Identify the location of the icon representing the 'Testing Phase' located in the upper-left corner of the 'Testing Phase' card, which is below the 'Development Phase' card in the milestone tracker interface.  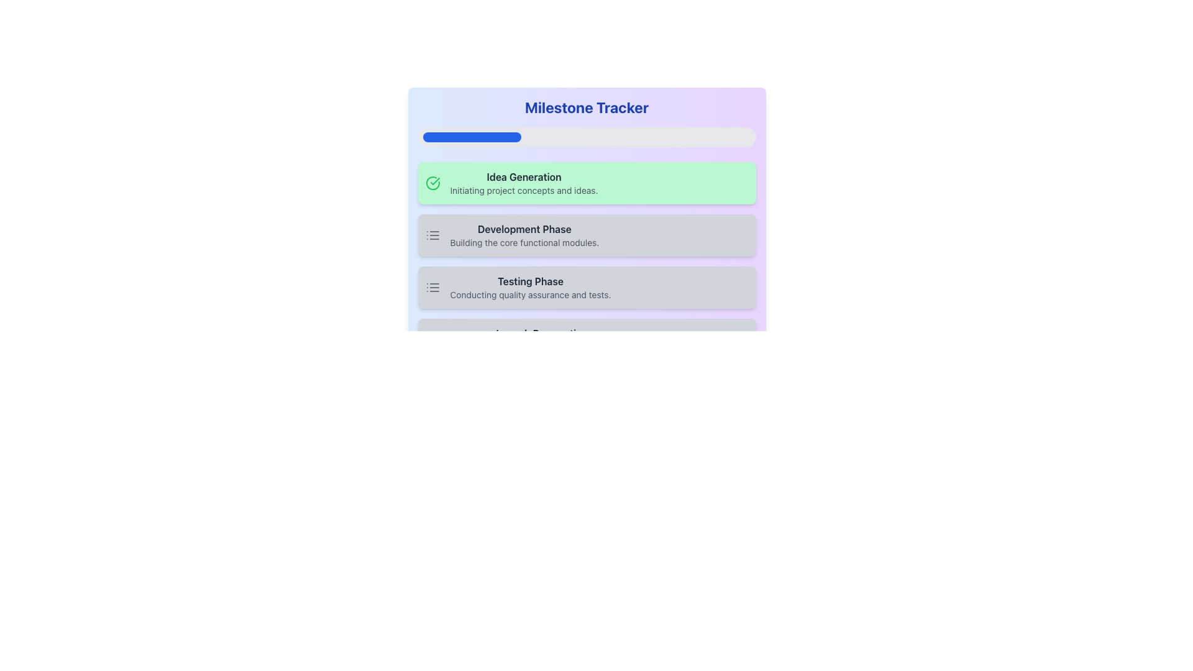
(432, 287).